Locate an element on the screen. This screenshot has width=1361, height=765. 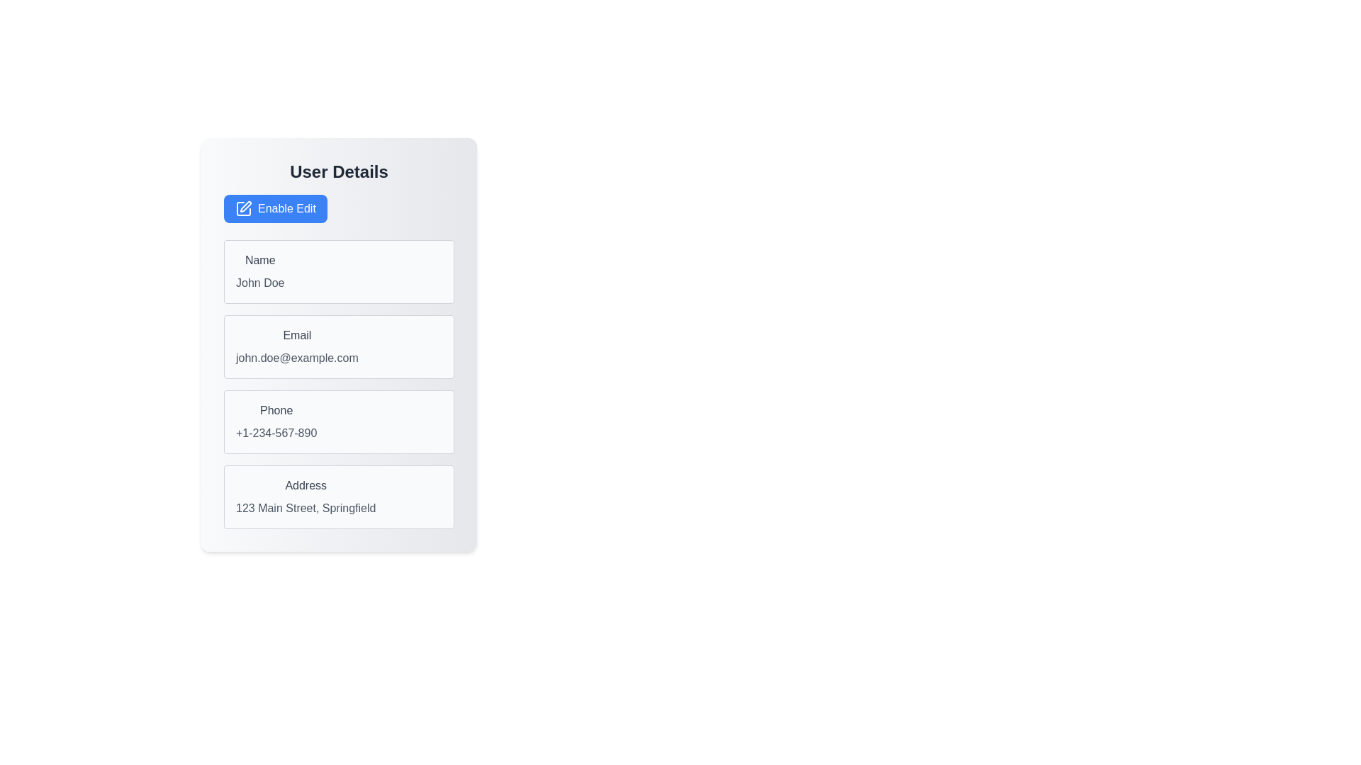
the pen icon located at the leftmost part of the blue 'Enable Edit' button, which is styled with a stroke and no fill is located at coordinates (245, 207).